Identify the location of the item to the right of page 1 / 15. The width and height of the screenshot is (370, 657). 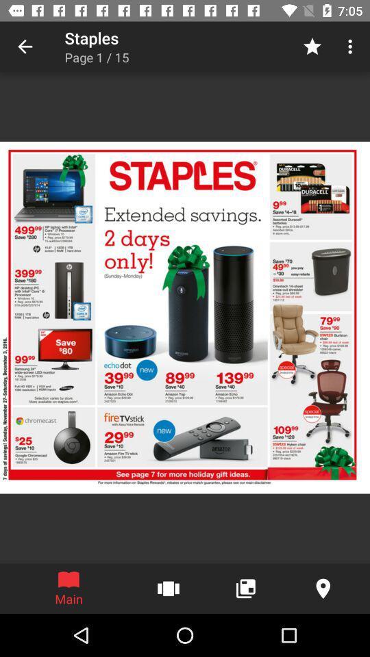
(312, 47).